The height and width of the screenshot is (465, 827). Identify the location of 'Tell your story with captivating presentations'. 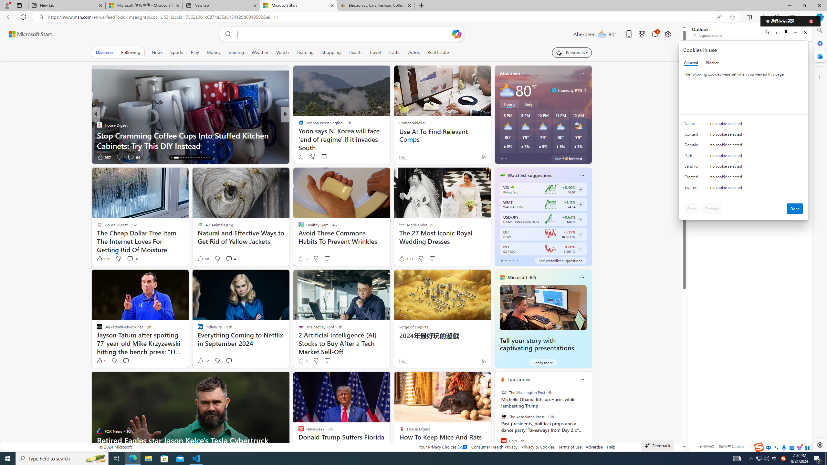
(542, 307).